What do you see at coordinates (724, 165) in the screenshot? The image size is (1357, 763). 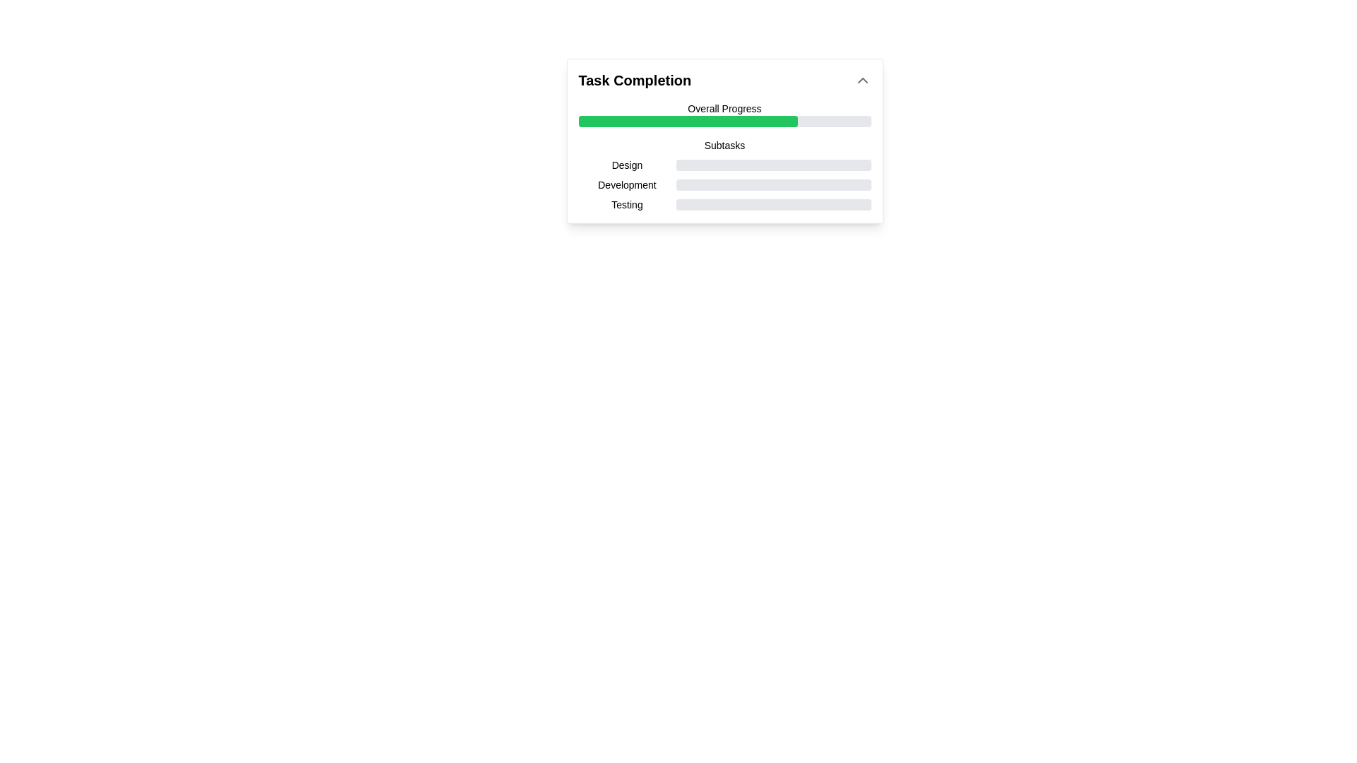 I see `the progress bar indicating the completion level for the 'Design' subtask, which is the first item under the 'Subtasks' header` at bounding box center [724, 165].